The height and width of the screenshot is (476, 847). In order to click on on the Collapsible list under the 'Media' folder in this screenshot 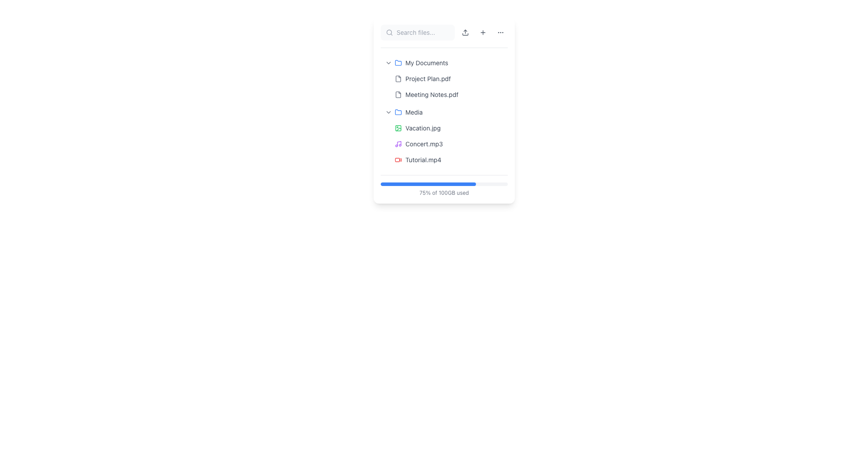, I will do `click(444, 136)`.